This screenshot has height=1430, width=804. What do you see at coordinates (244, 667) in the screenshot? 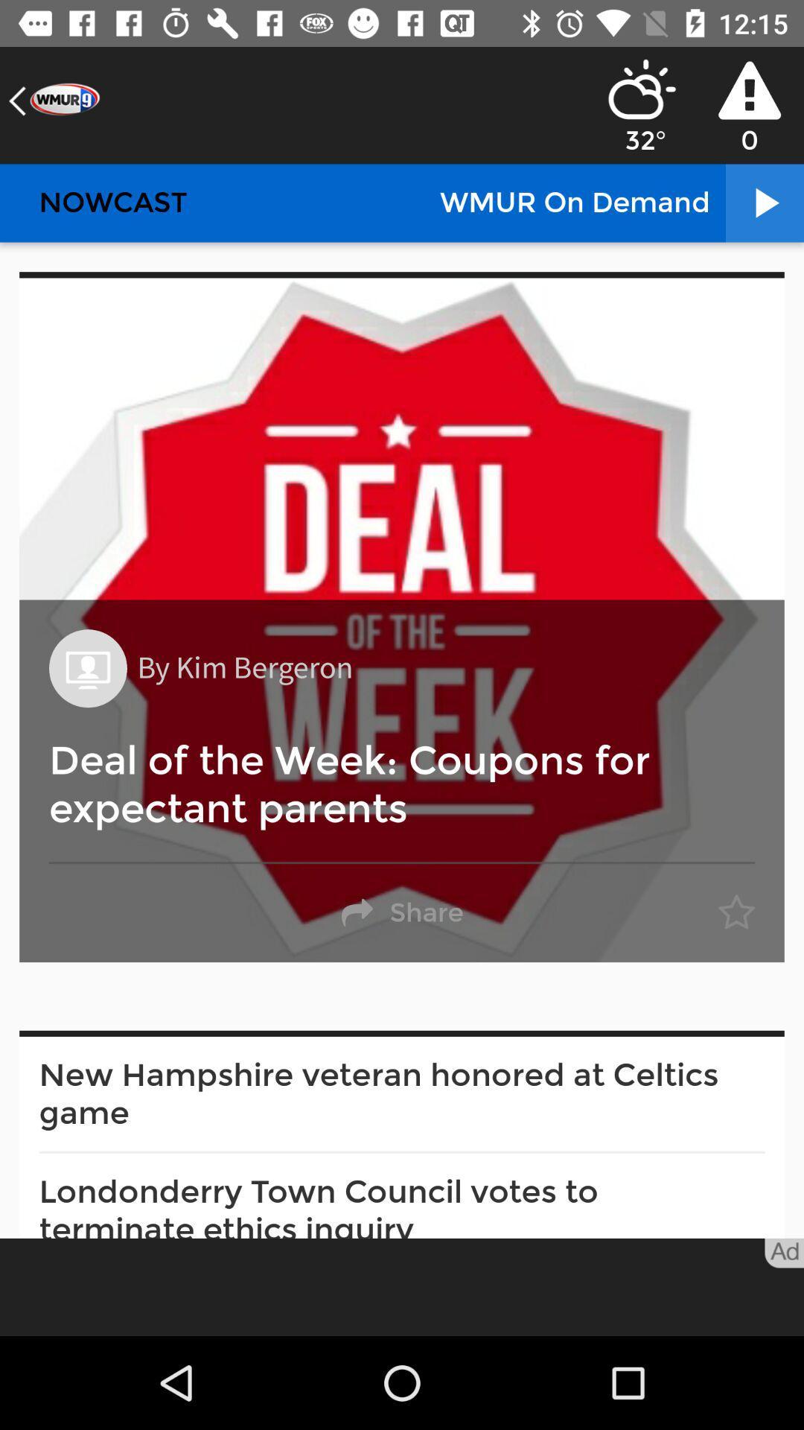
I see `the by kim bergeron` at bounding box center [244, 667].